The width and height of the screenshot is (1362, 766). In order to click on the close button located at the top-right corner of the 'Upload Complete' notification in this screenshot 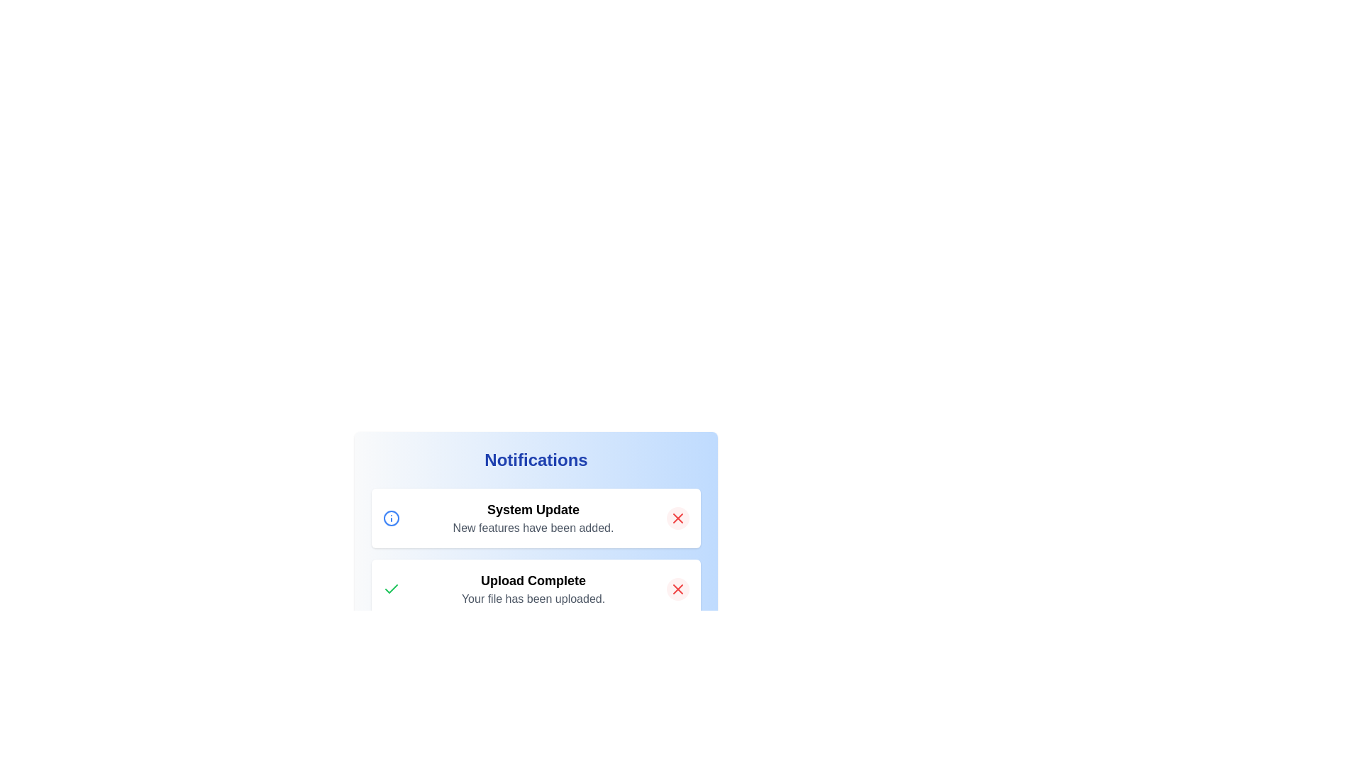, I will do `click(677, 589)`.